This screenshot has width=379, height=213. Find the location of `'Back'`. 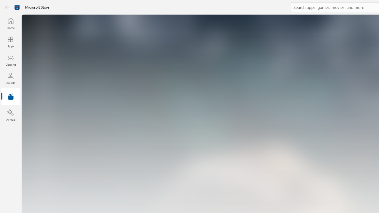

'Back' is located at coordinates (7, 7).